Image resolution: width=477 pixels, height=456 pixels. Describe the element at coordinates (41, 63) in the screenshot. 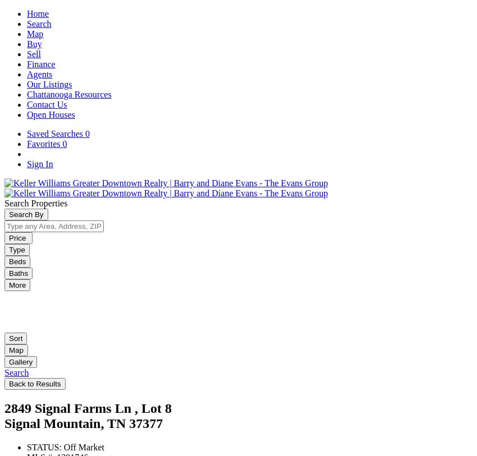

I see `'Finance'` at that location.